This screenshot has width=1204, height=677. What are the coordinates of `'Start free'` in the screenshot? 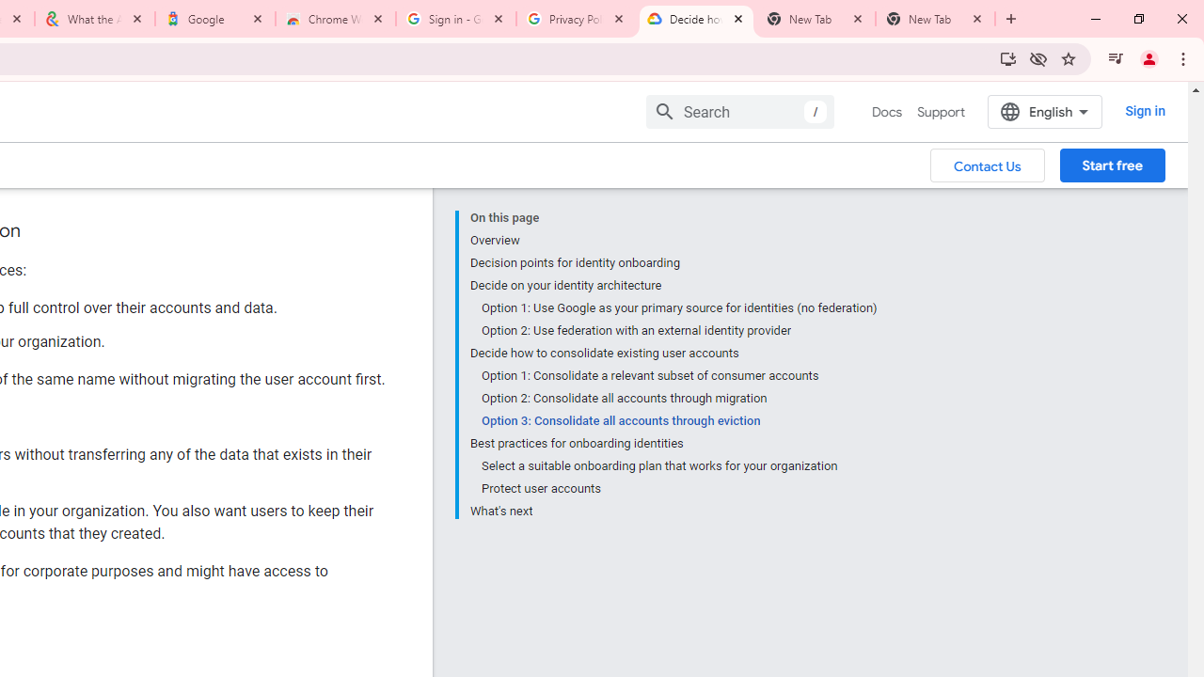 It's located at (1112, 164).